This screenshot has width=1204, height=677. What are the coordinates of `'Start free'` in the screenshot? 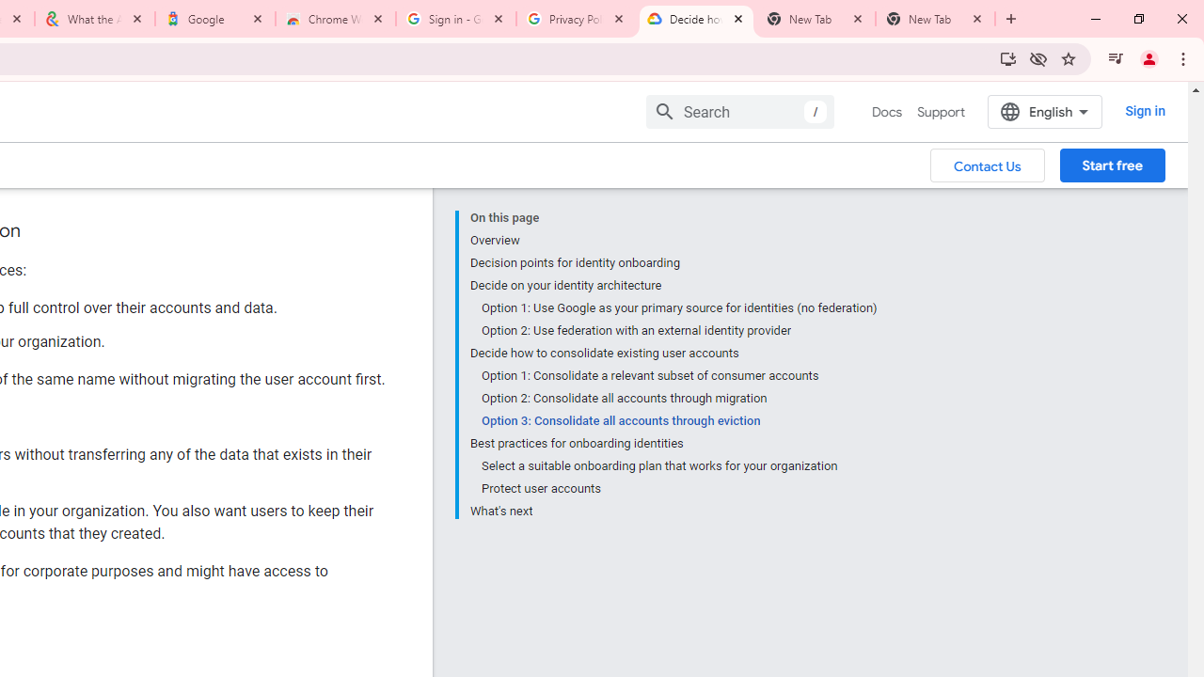 It's located at (1112, 164).